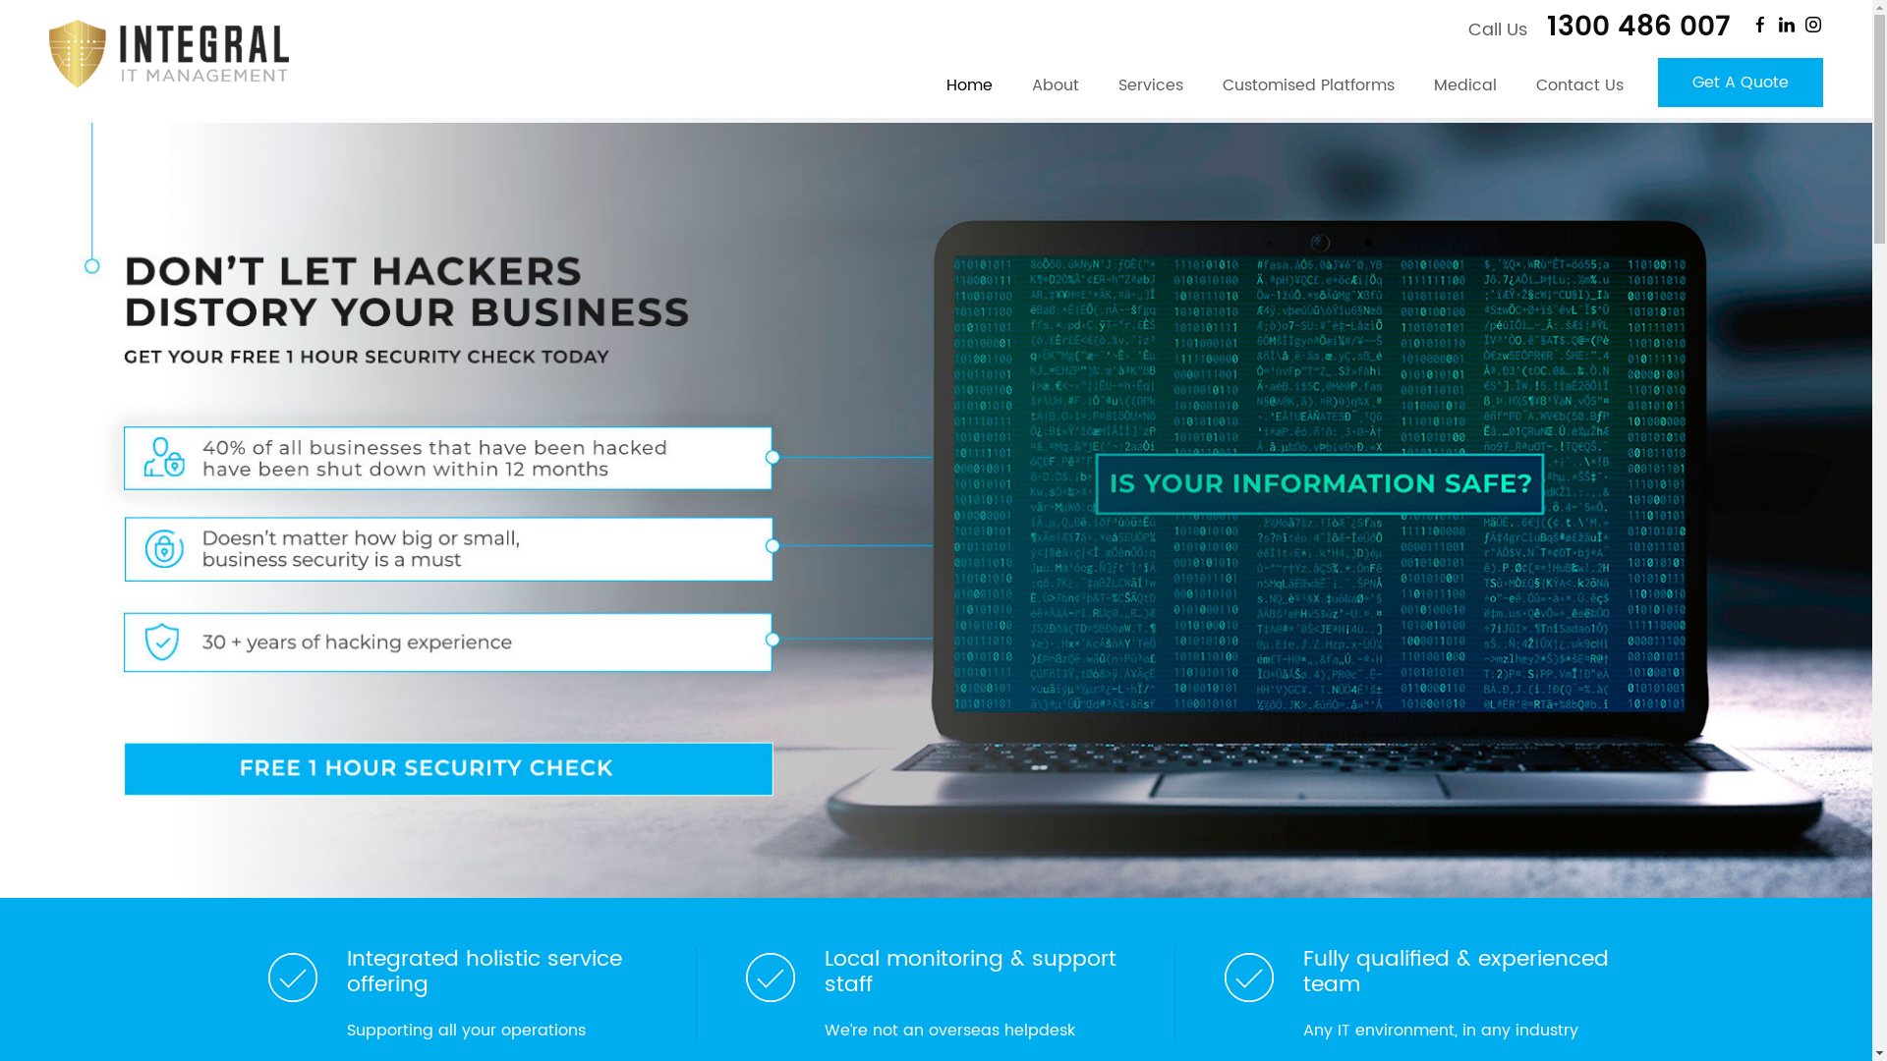 The width and height of the screenshot is (1887, 1061). What do you see at coordinates (1579, 90) in the screenshot?
I see `'Contact Us'` at bounding box center [1579, 90].